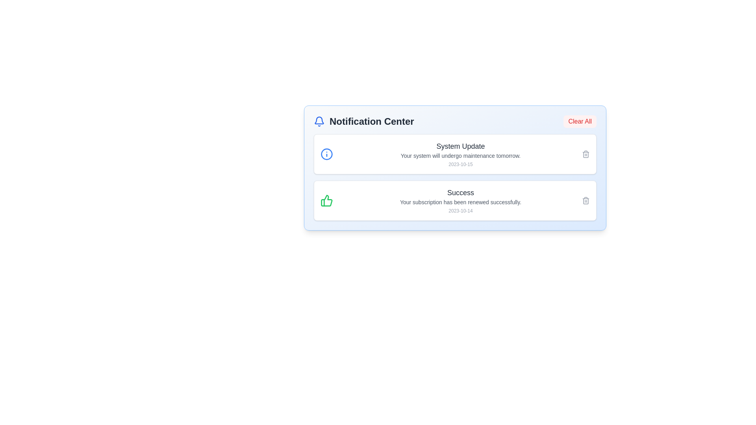 The width and height of the screenshot is (756, 425). What do you see at coordinates (455, 154) in the screenshot?
I see `the first notification card within the Notification Center that notifies the user about a system update scheduled for tomorrow` at bounding box center [455, 154].